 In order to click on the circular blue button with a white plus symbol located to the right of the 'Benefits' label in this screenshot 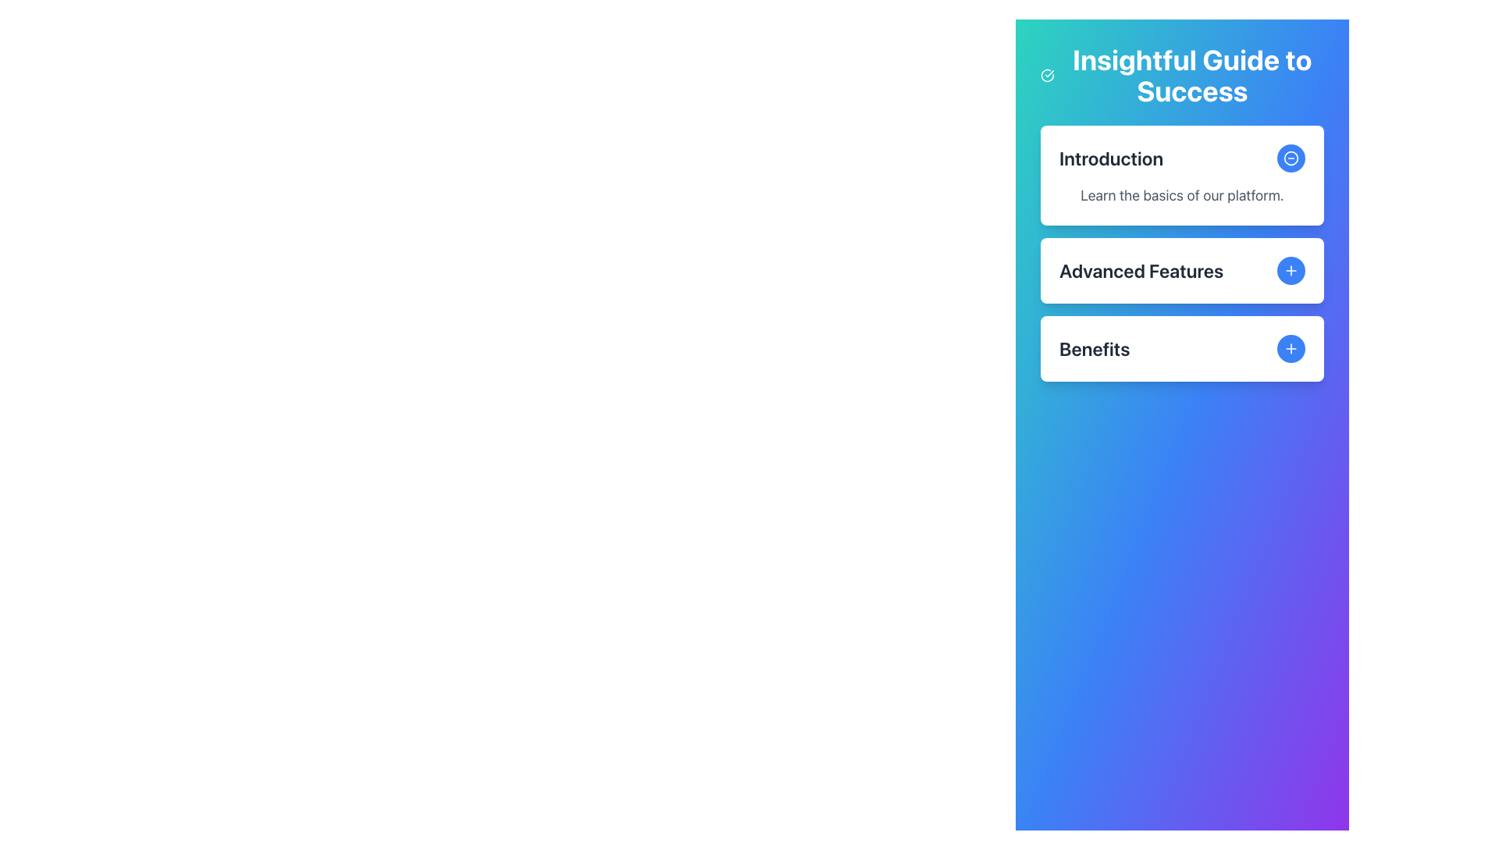, I will do `click(1291, 348)`.